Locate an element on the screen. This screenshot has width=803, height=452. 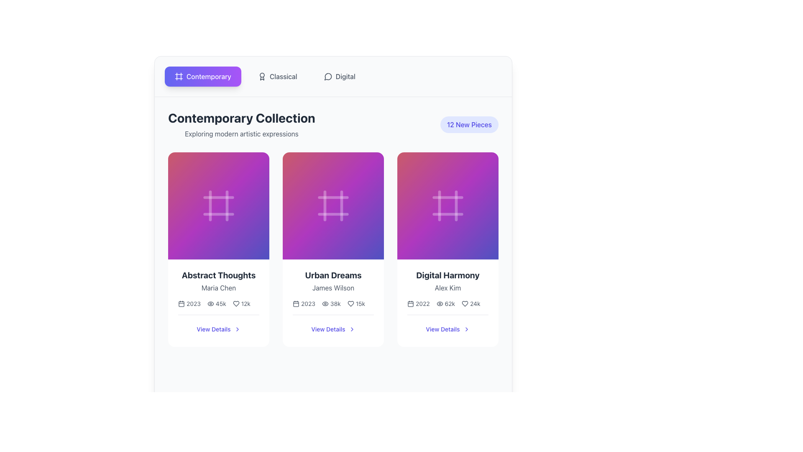
the small right-facing chevron icon that is part of the 'View Details' button in the 'Digital Harmony' card, located to the right of the 'View Details' text is located at coordinates (466, 329).